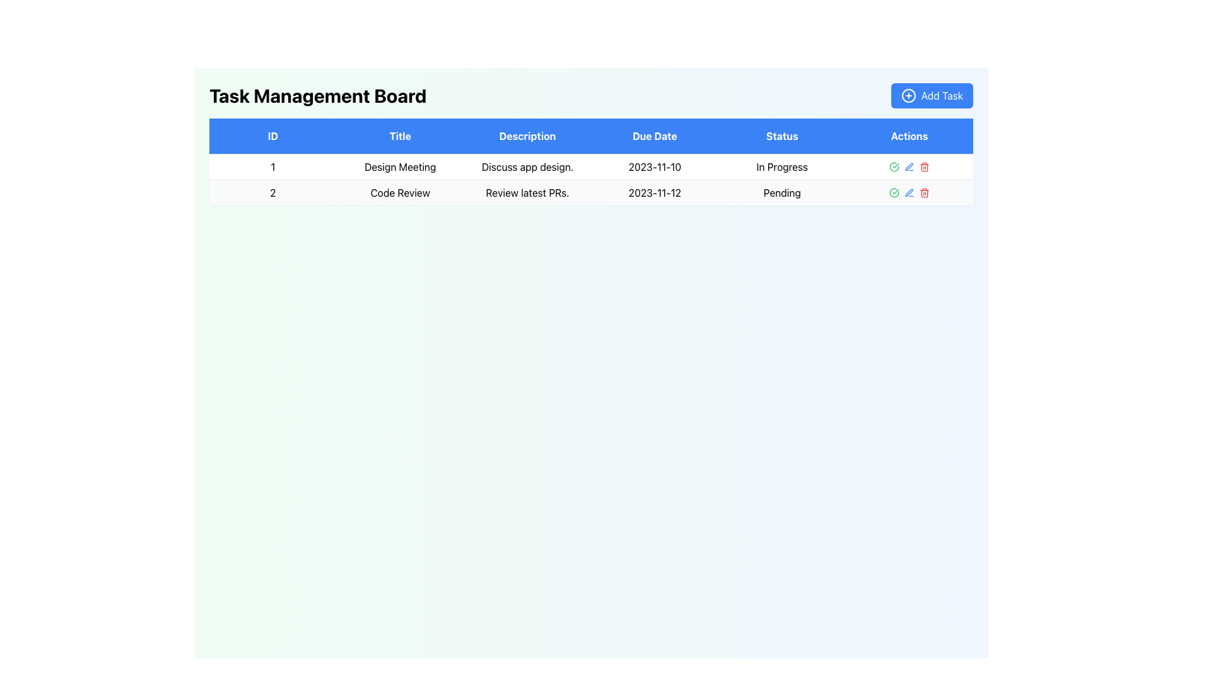 Image resolution: width=1211 pixels, height=681 pixels. What do you see at coordinates (655, 136) in the screenshot?
I see `the 'Due Date' column label in the task management table, which is the fourth column header positioned between 'Description' and 'Status'` at bounding box center [655, 136].